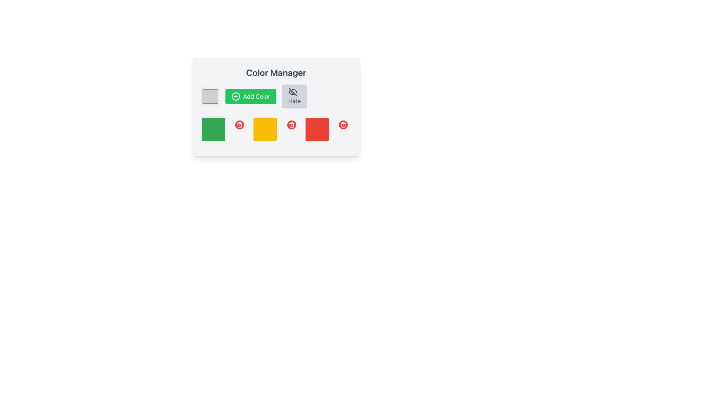 The width and height of the screenshot is (719, 404). I want to click on the small circular red button with a white trashcan icon located at the top-right corner of a colored square, so click(343, 125).